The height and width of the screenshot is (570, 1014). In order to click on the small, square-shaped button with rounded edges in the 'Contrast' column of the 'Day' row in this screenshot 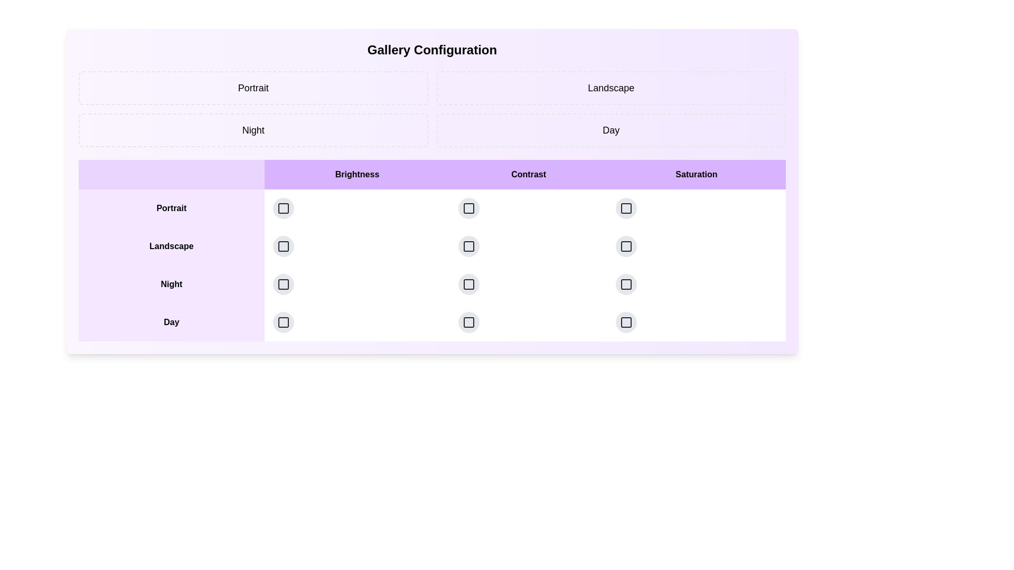, I will do `click(468, 321)`.